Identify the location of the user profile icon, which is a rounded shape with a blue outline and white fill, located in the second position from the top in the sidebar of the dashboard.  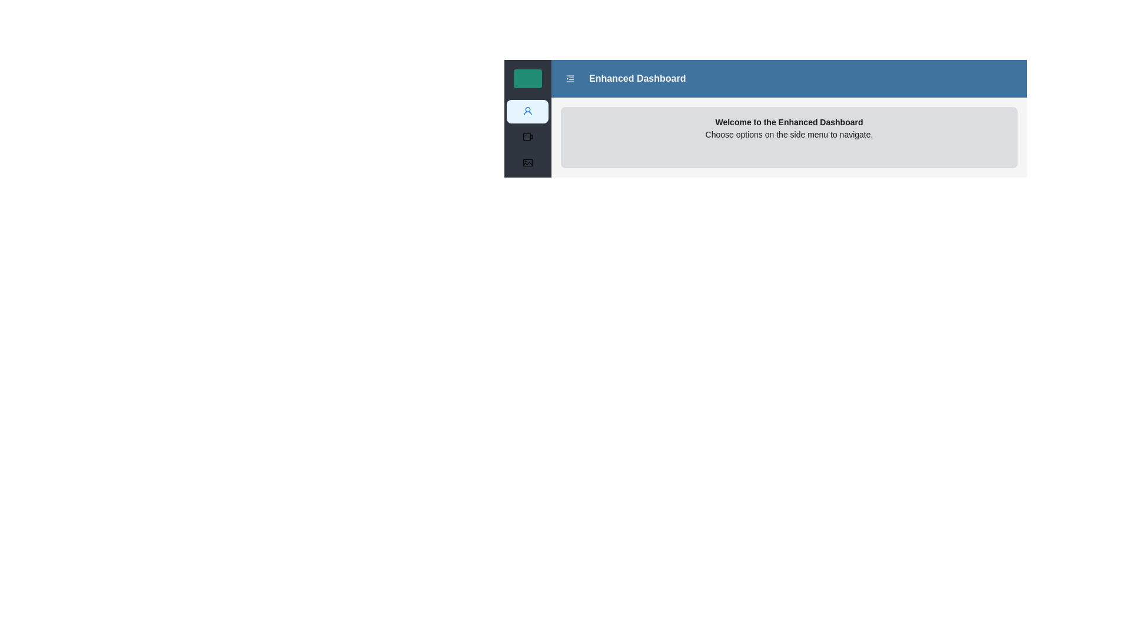
(527, 111).